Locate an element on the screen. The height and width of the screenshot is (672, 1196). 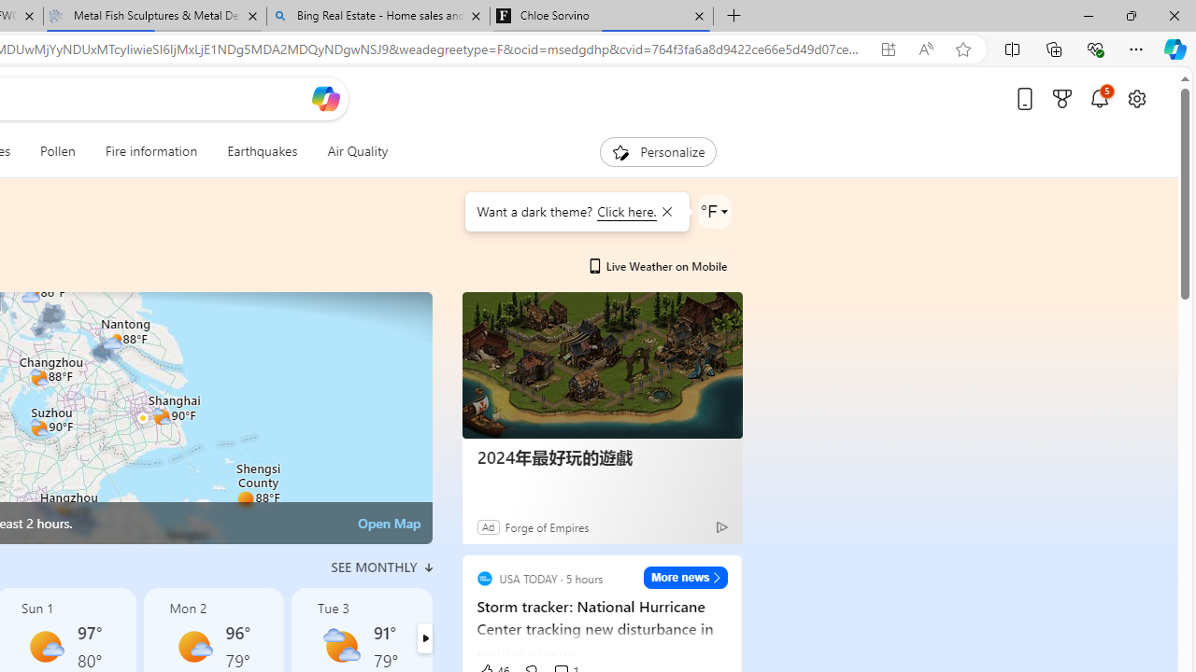
'Personalize' is located at coordinates (658, 151).